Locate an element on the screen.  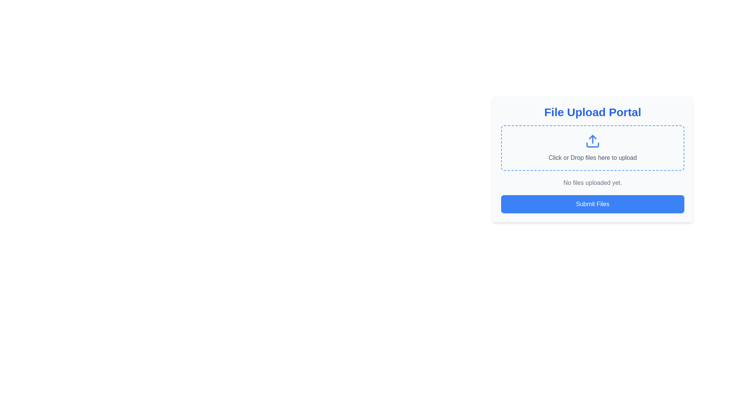
the text label that provides guidance for file uploads, positioned above the upload progress text is located at coordinates (592, 158).